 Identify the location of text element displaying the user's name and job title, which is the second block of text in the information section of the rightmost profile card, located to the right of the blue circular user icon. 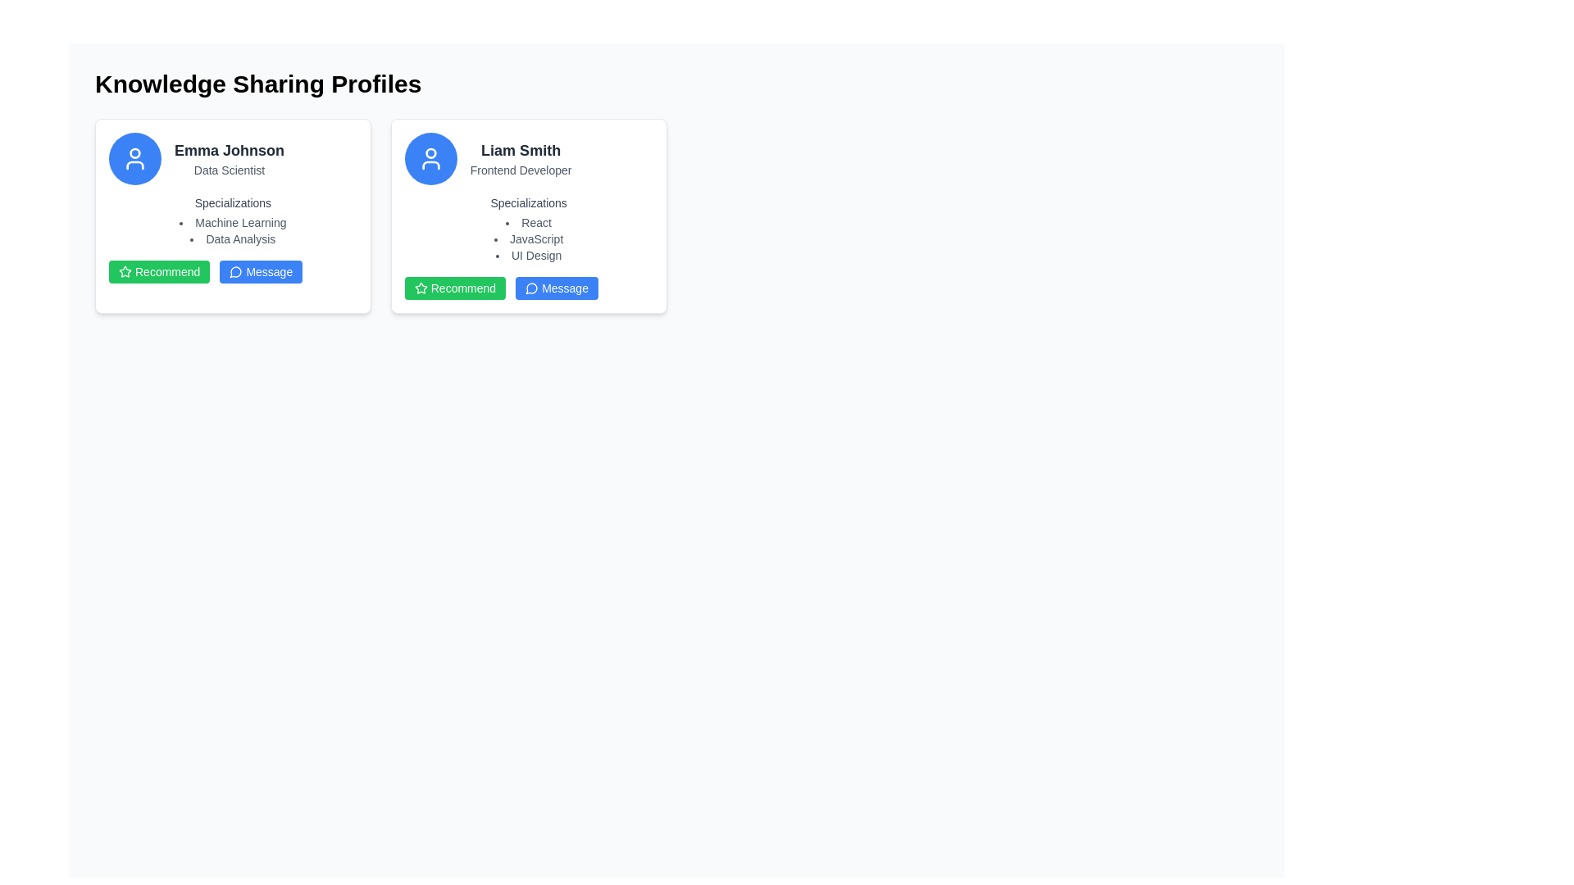
(520, 158).